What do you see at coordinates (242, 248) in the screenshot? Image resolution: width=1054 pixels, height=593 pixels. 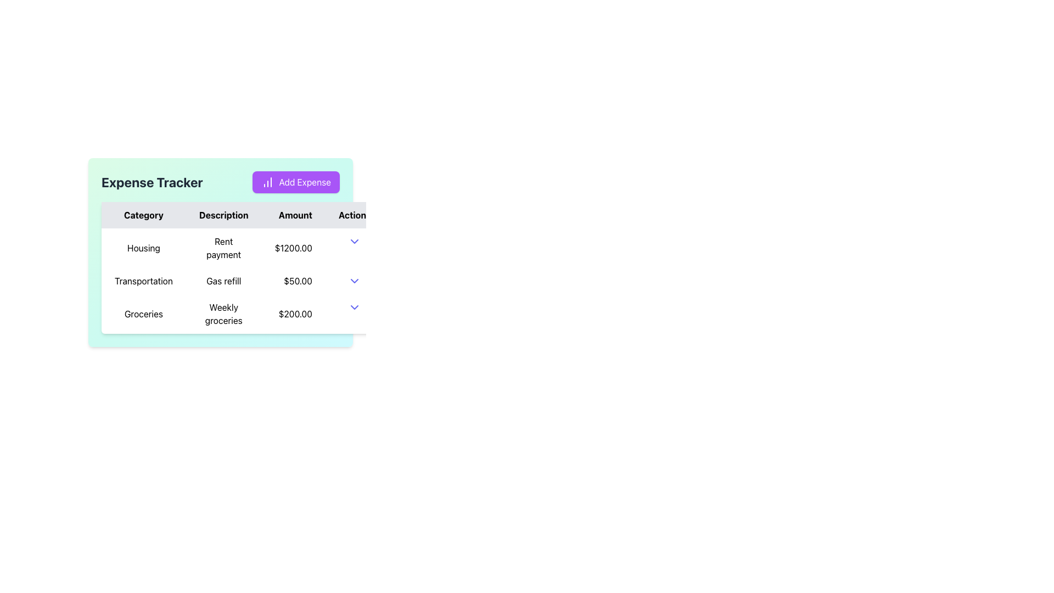 I see `the first row of the expenses table containing the category 'Housing', description 'Rent payment', and amount '$1200.00'` at bounding box center [242, 248].